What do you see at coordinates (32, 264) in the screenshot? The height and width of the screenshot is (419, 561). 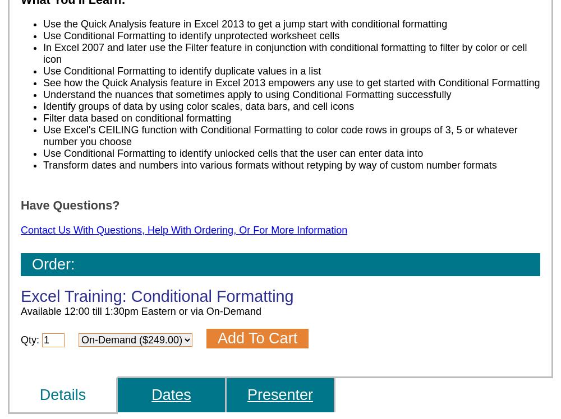 I see `'Order:'` at bounding box center [32, 264].